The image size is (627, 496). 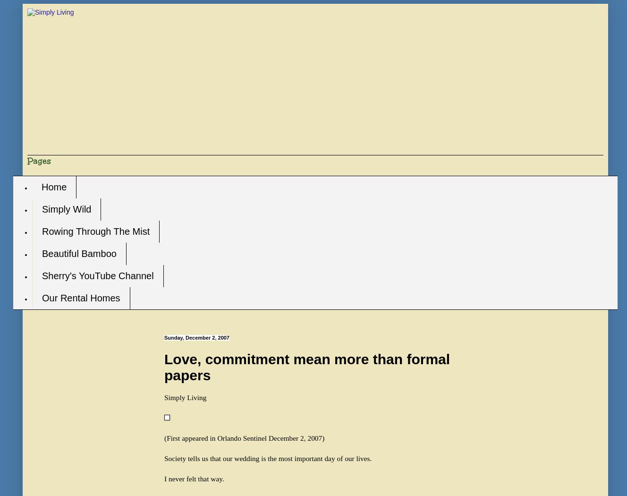 I want to click on '(First appeared in Orlando Sentinel December 2, 2007)', so click(x=163, y=437).